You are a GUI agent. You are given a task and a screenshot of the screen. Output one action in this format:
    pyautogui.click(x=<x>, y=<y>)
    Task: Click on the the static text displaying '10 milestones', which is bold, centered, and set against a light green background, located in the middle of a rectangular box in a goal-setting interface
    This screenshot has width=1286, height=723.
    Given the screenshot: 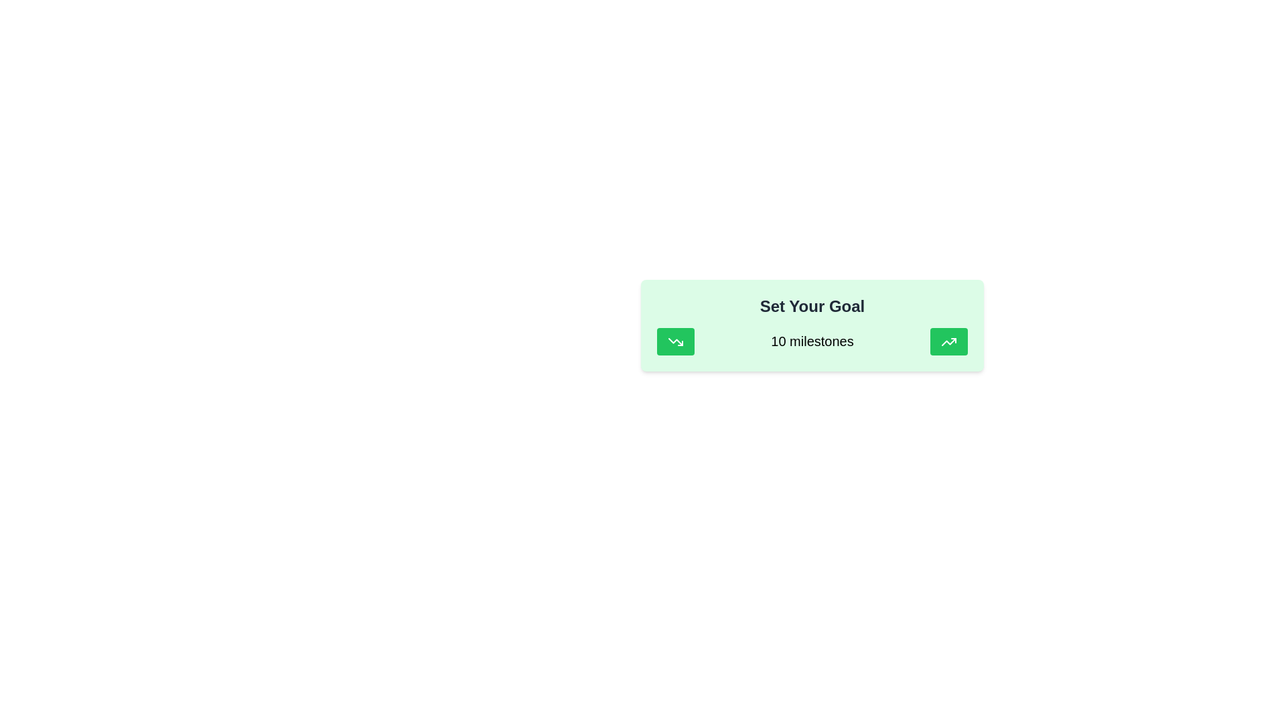 What is the action you would take?
    pyautogui.click(x=812, y=340)
    